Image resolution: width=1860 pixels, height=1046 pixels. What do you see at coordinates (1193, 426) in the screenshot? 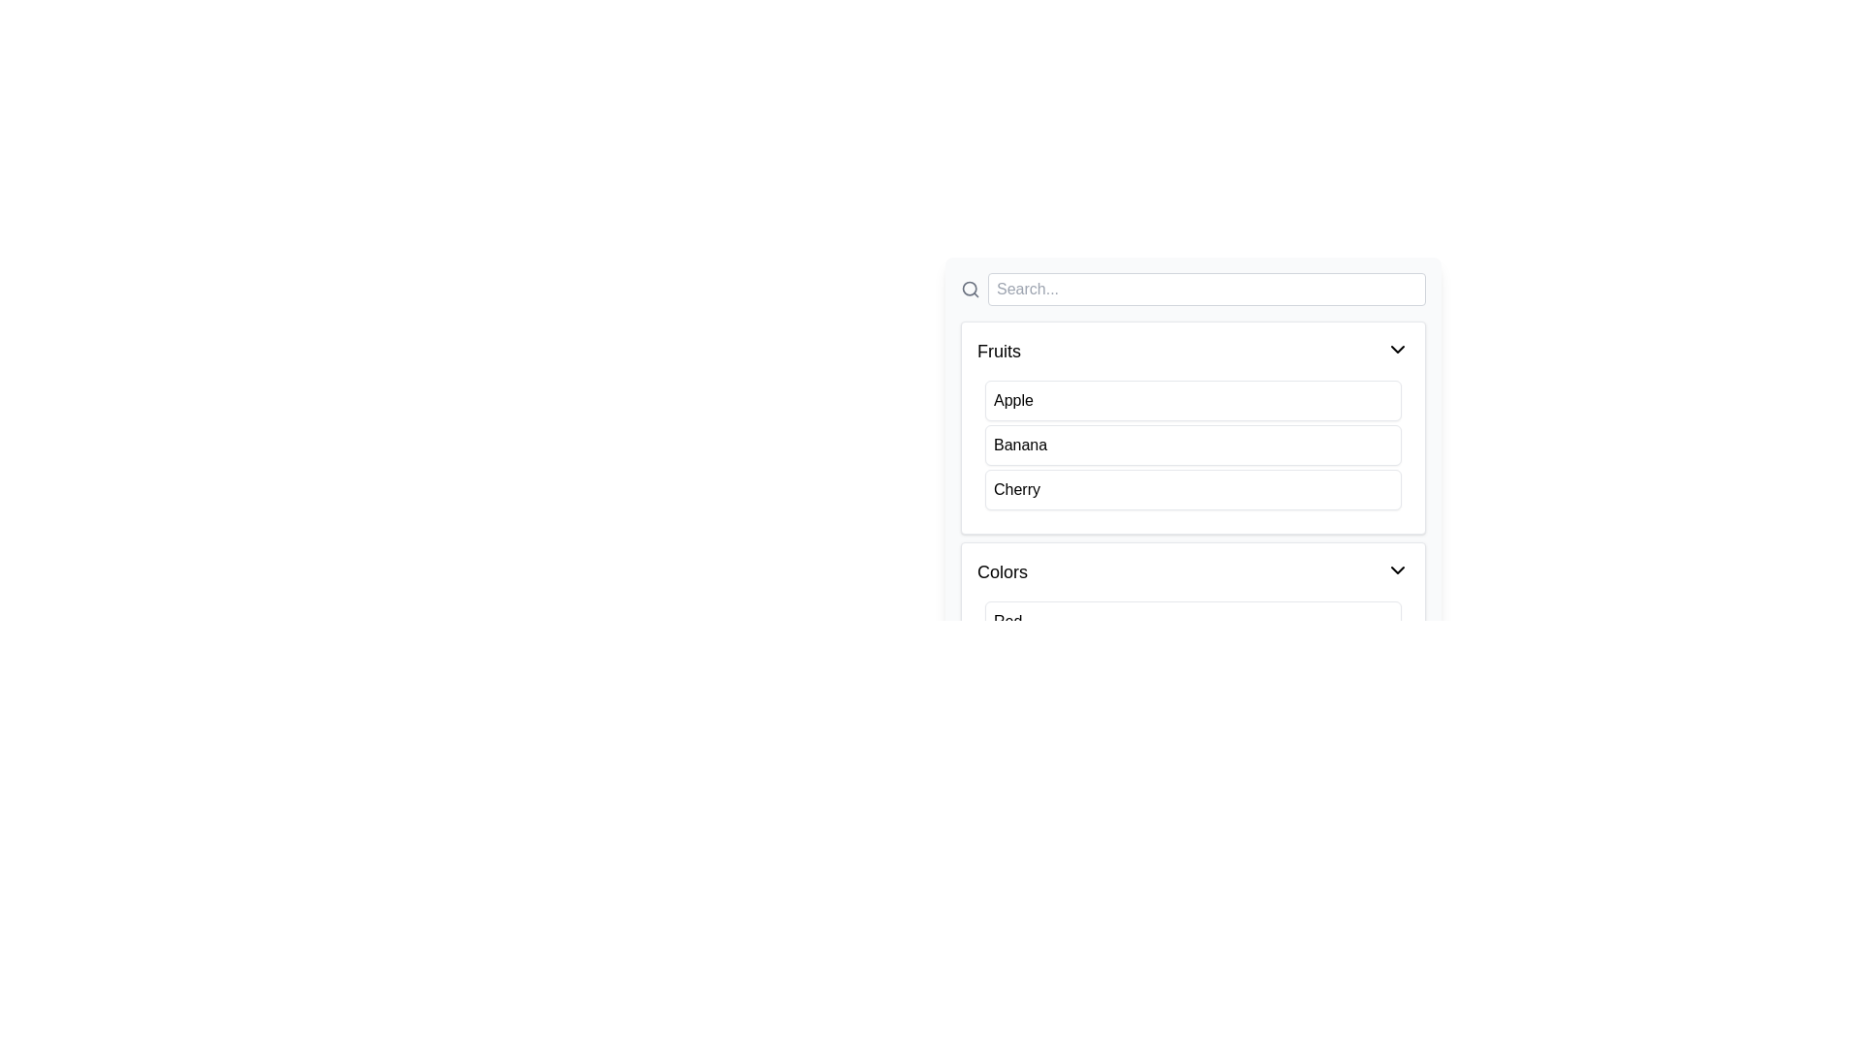
I see `the 'Banana' item in the 'Fruits' dropdown list` at bounding box center [1193, 426].